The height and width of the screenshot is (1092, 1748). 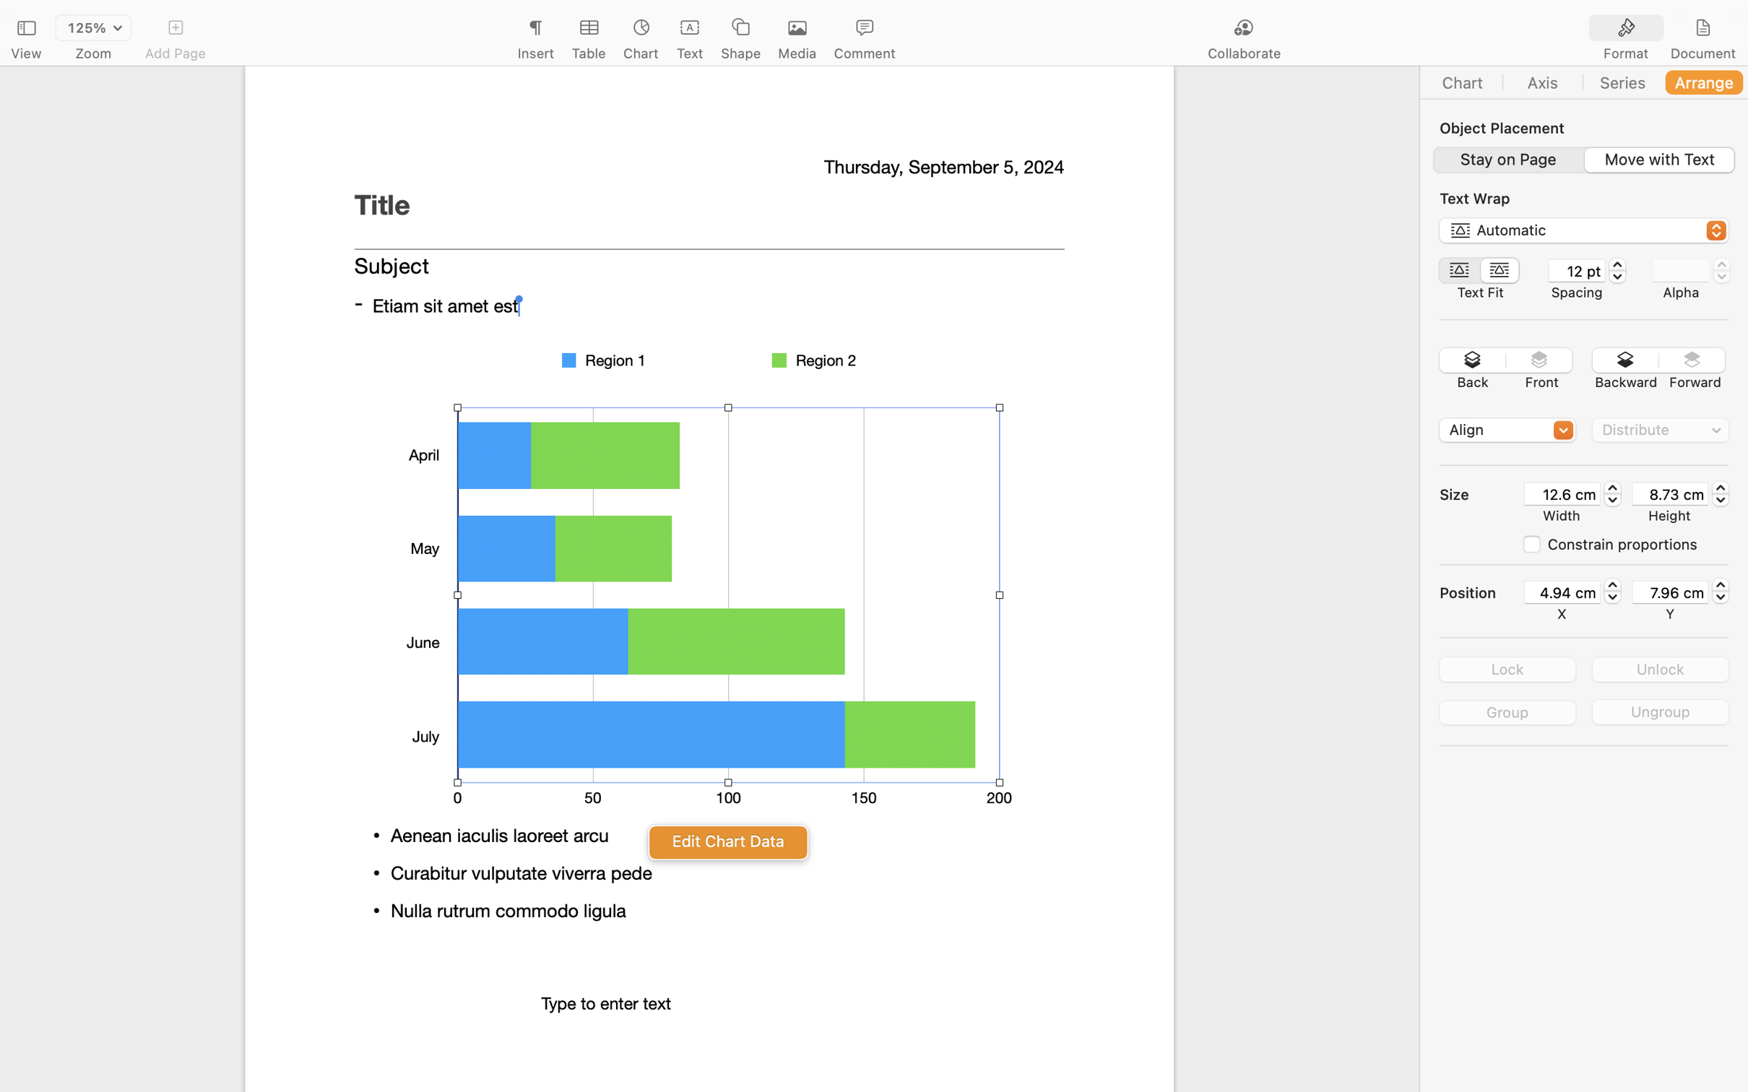 I want to click on 'X', so click(x=1562, y=612).